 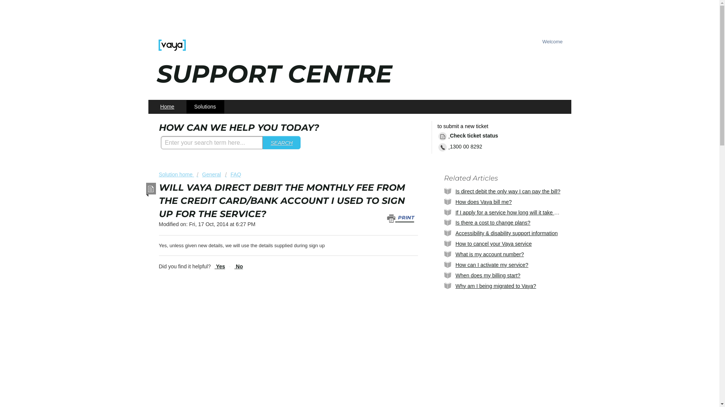 I want to click on 'How does Vaya bill me?', so click(x=483, y=202).